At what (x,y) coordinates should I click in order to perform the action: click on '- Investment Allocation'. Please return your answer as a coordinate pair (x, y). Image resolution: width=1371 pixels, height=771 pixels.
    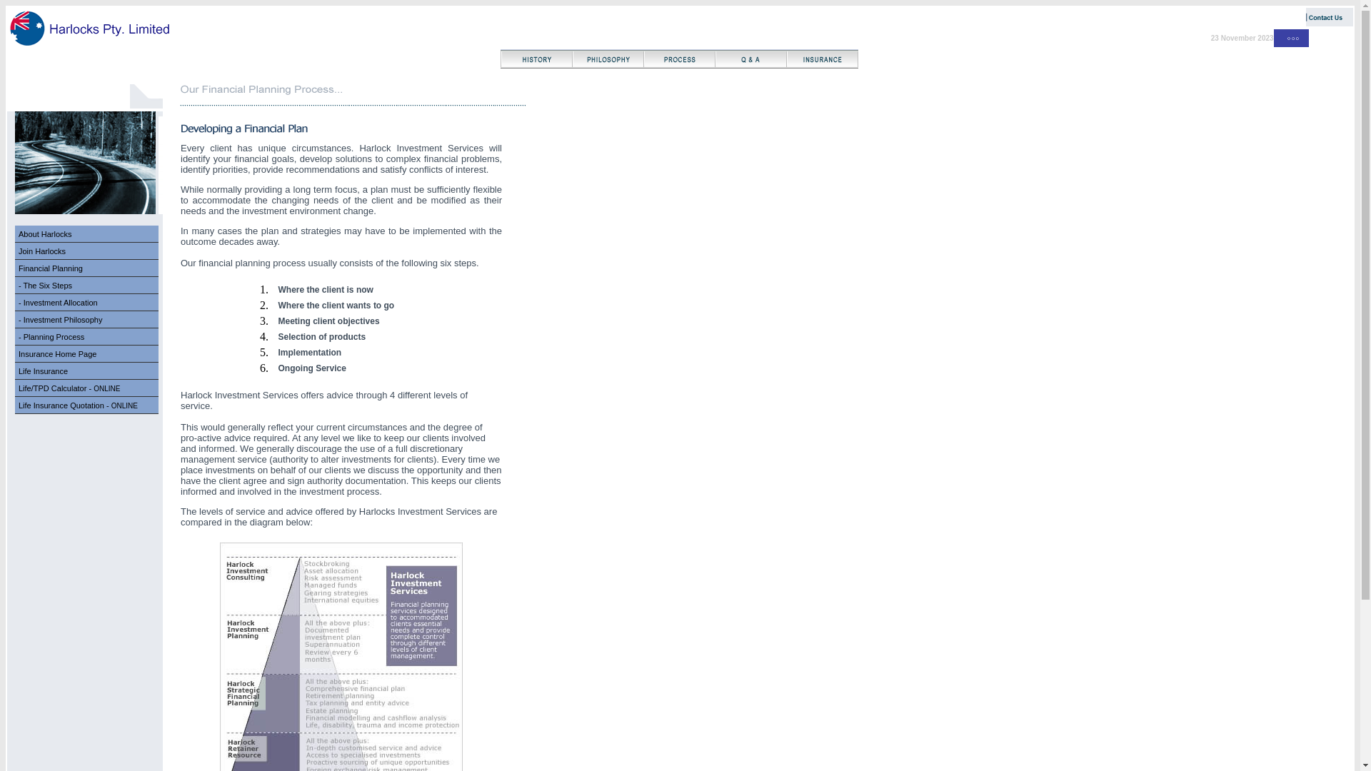
    Looking at the image, I should click on (18, 302).